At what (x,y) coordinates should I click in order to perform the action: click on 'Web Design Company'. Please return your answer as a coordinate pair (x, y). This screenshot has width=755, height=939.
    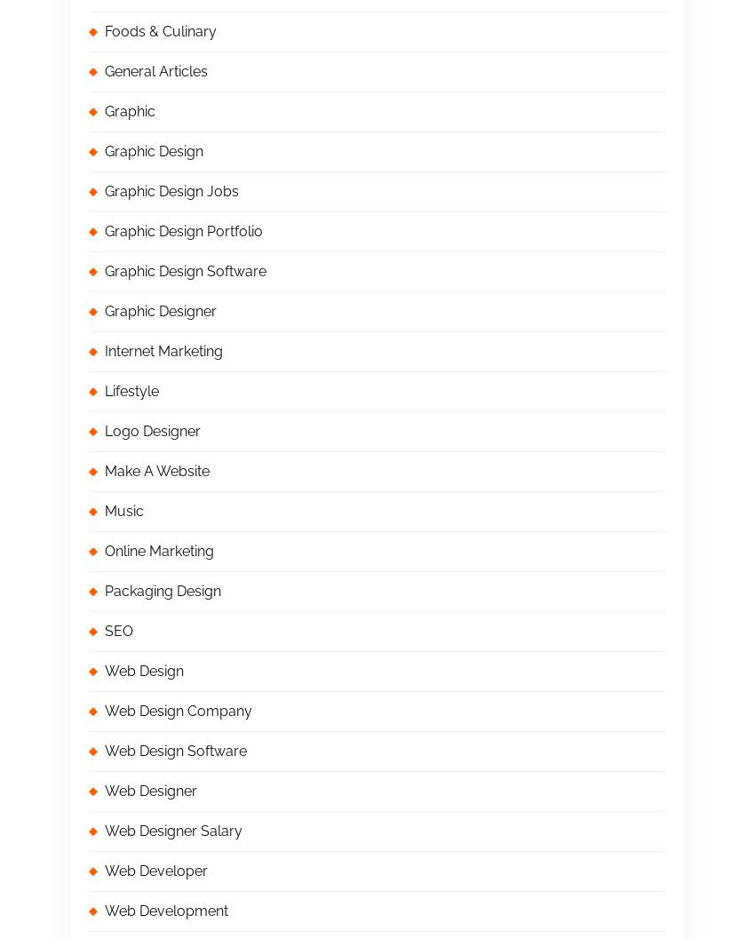
    Looking at the image, I should click on (178, 711).